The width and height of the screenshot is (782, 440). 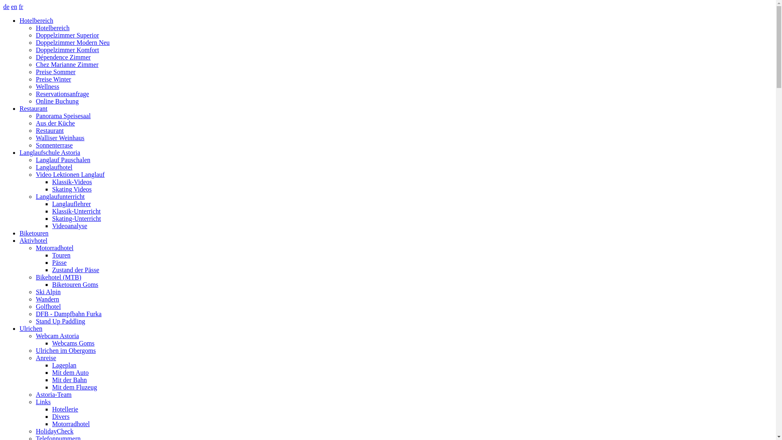 What do you see at coordinates (68, 313) in the screenshot?
I see `'DFB - Dampfbahn Furka'` at bounding box center [68, 313].